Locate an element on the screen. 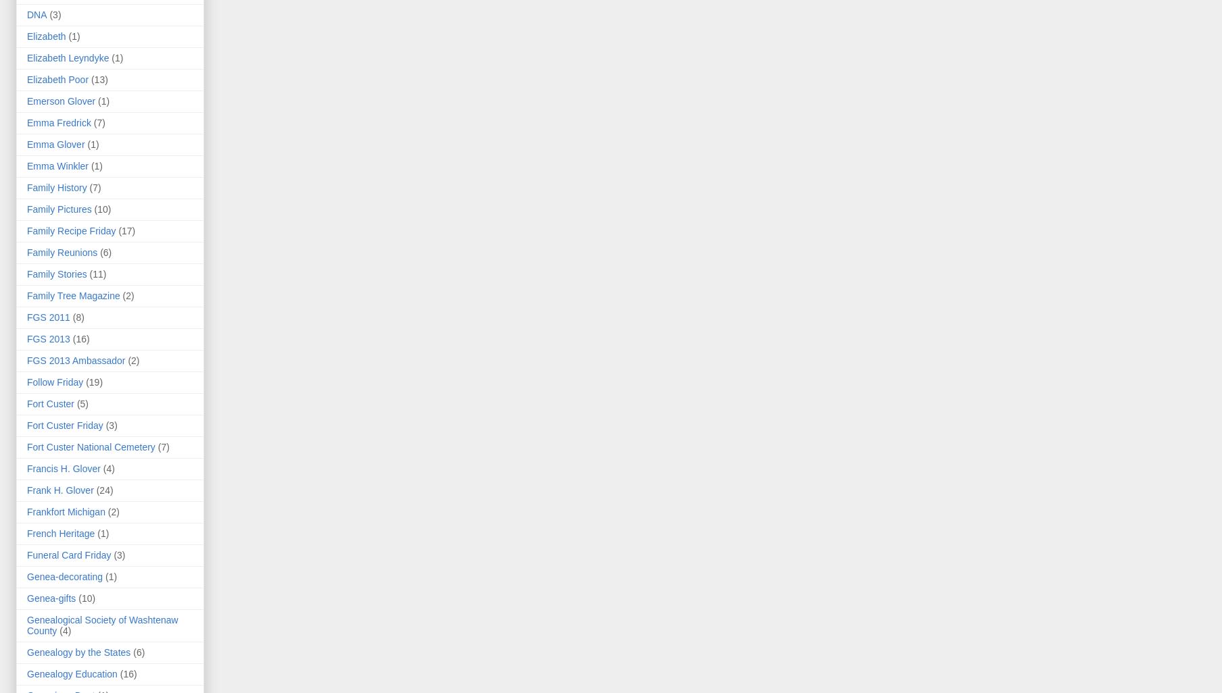 The image size is (1222, 693). 'FGS 2013 Ambassador' is located at coordinates (26, 361).